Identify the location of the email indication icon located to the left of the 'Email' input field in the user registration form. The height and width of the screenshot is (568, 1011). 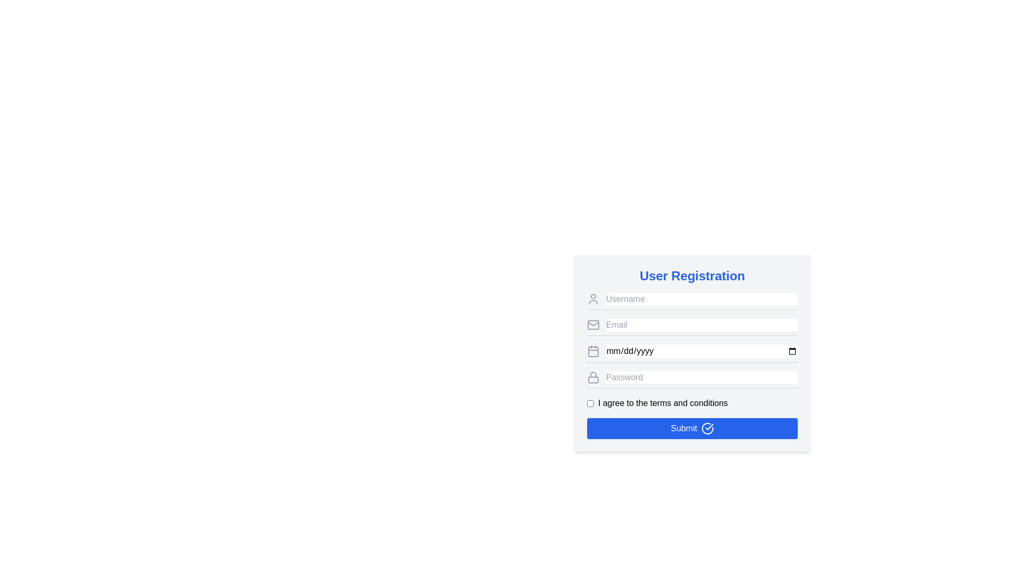
(593, 324).